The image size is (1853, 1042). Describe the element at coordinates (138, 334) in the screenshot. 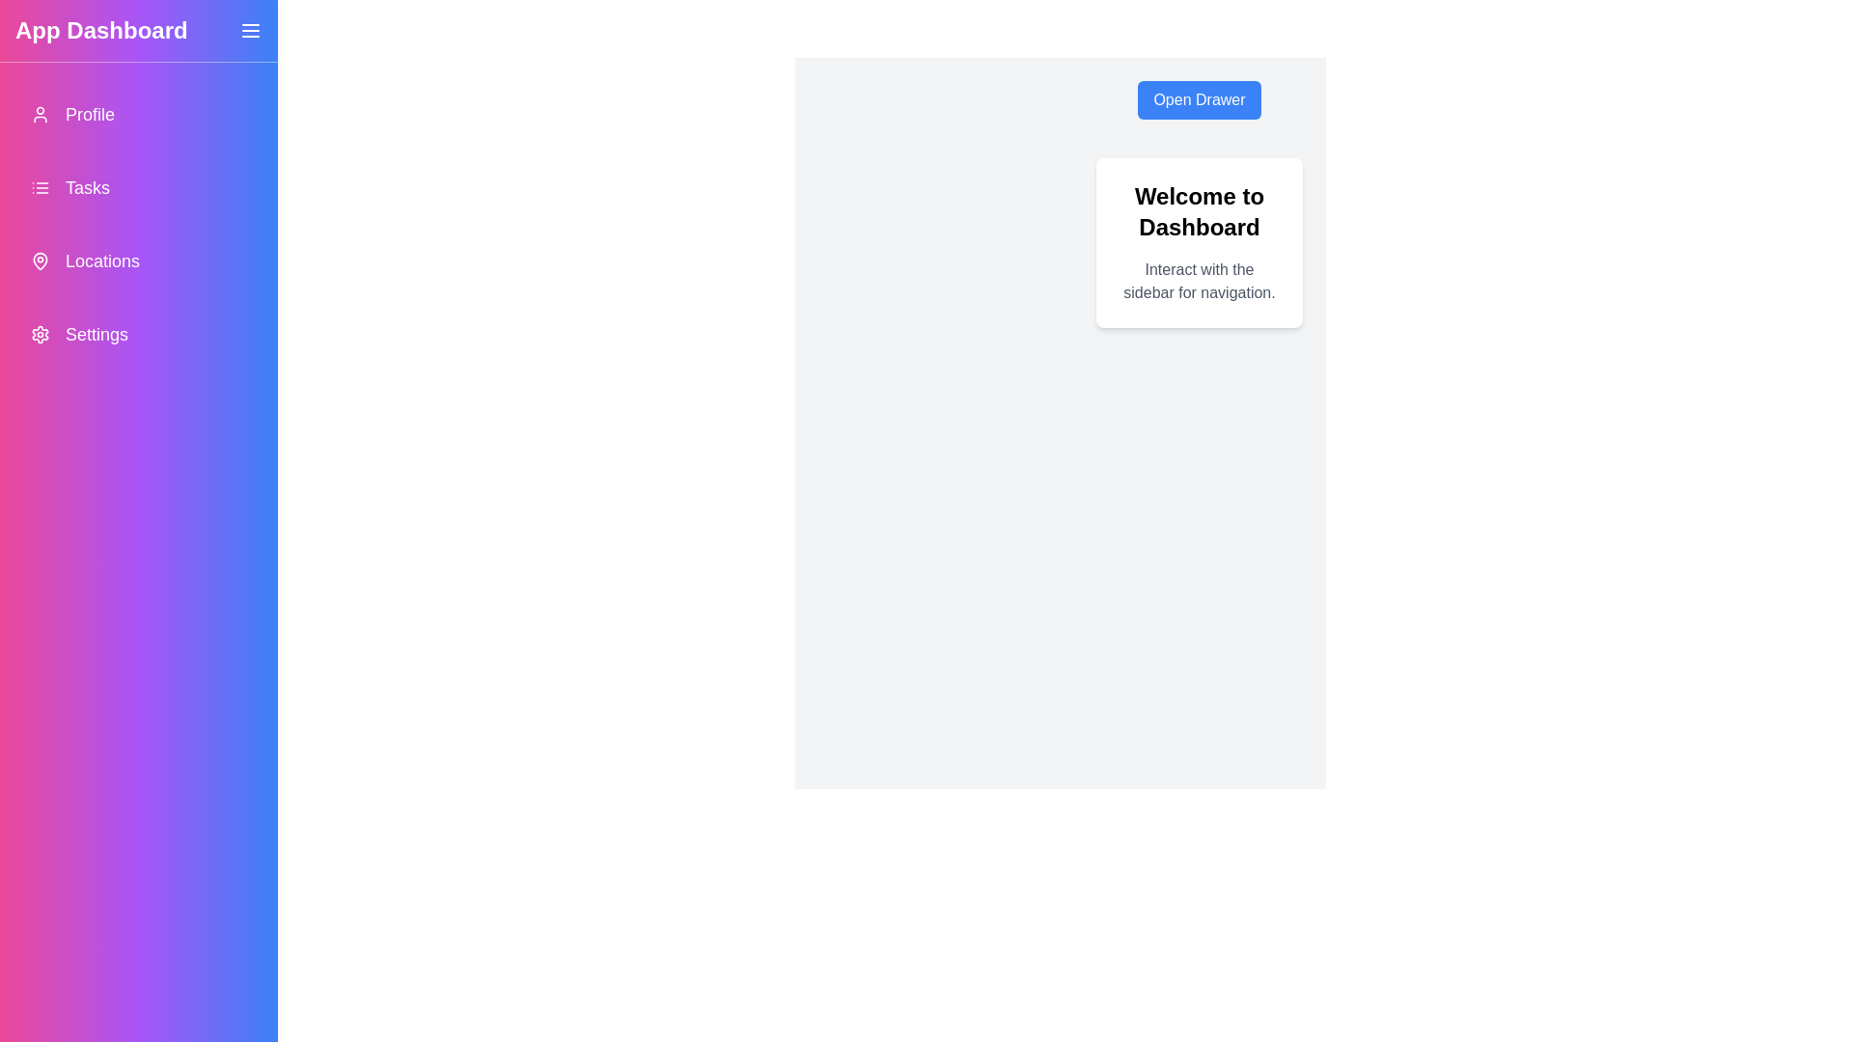

I see `the navigation item labeled 'Settings' to observe its hover effect` at that location.